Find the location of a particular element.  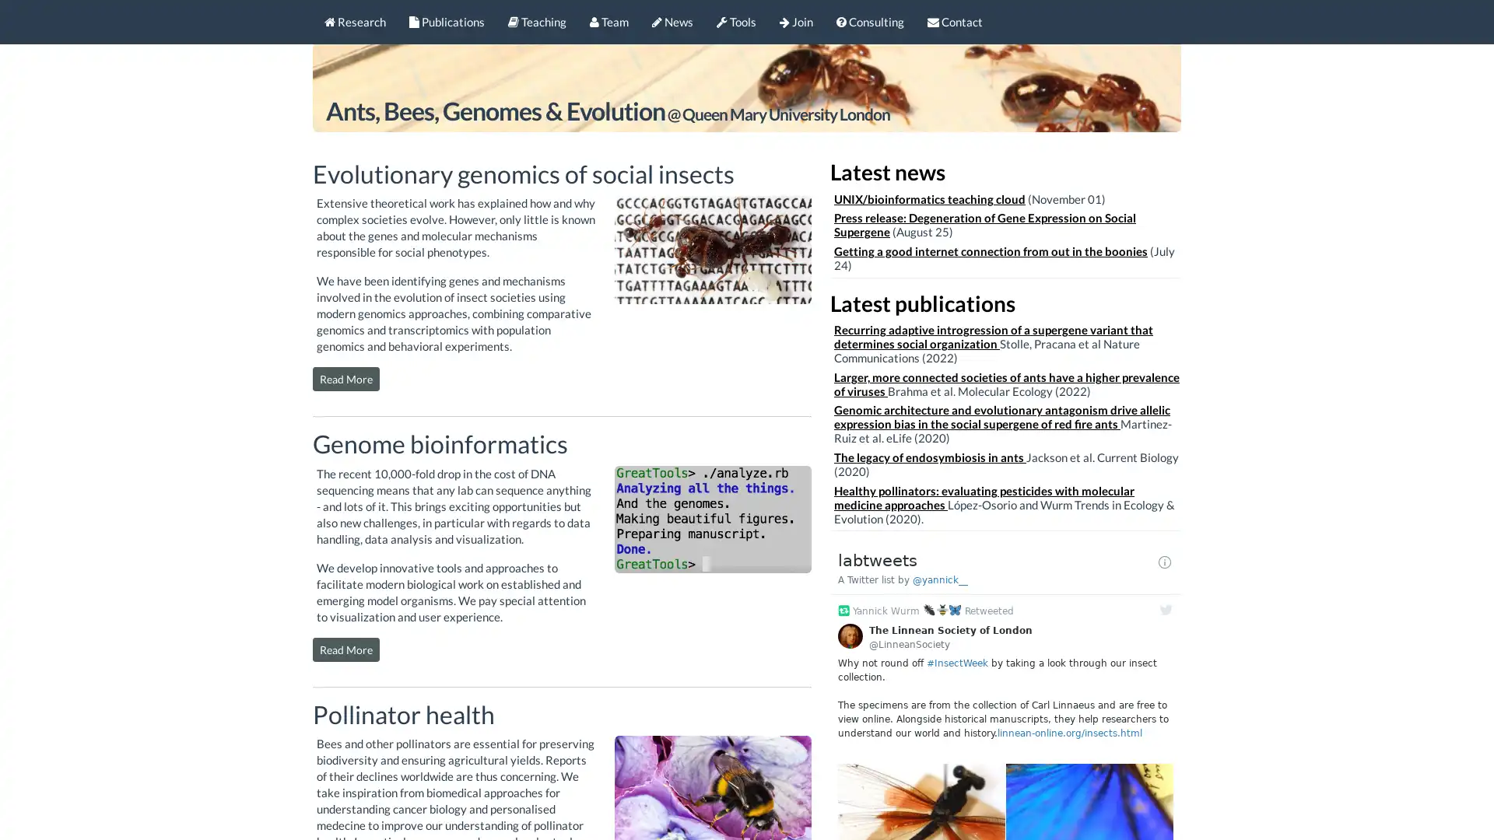

Read More is located at coordinates (345, 379).